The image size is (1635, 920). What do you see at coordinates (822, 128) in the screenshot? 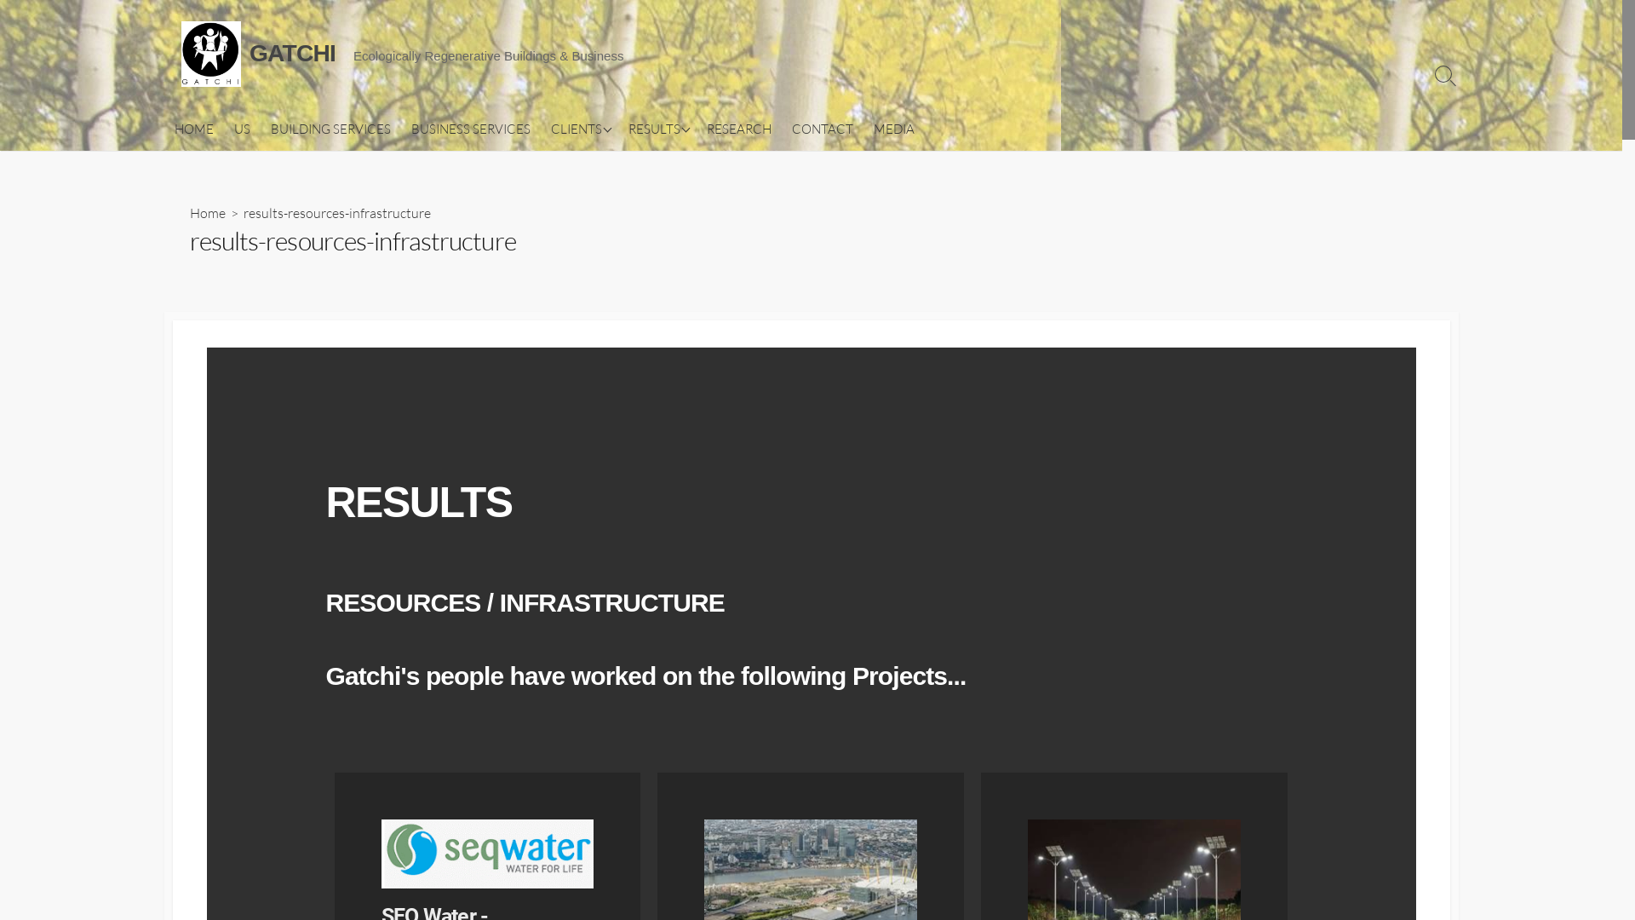
I see `'CONTACT'` at bounding box center [822, 128].